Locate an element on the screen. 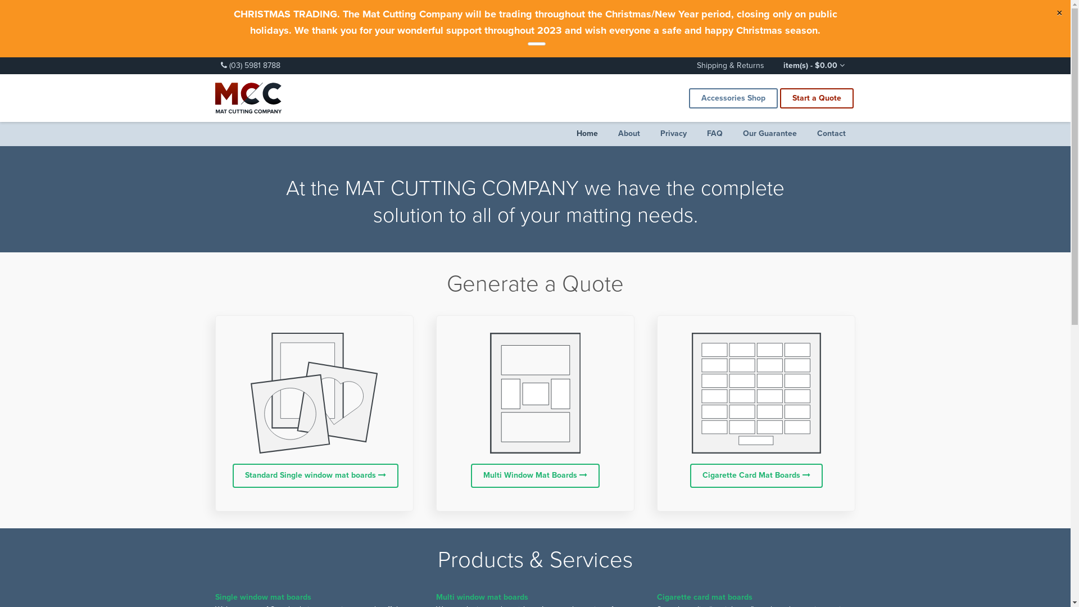 This screenshot has height=607, width=1079. '(03) 5981 8788' is located at coordinates (215, 65).